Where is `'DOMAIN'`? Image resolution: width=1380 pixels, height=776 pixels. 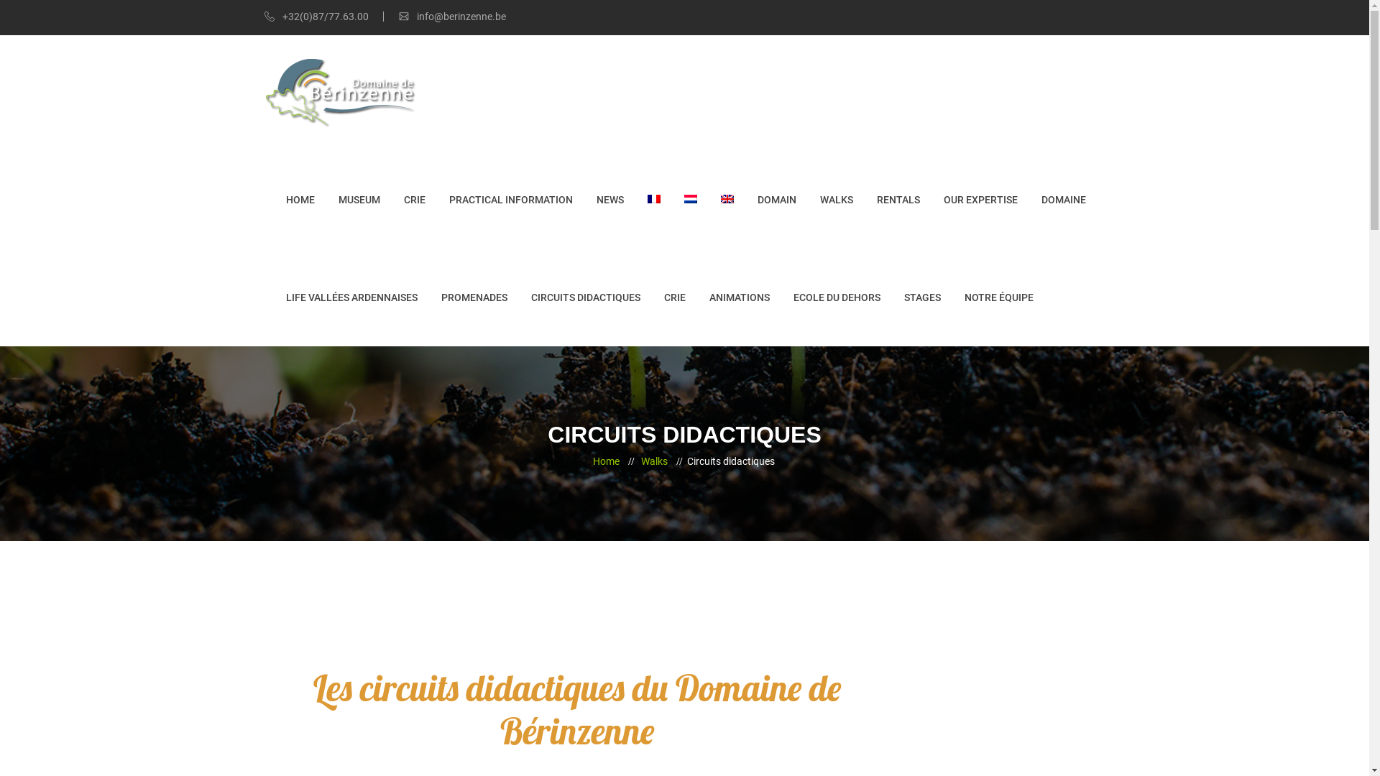
'DOMAIN' is located at coordinates (776, 199).